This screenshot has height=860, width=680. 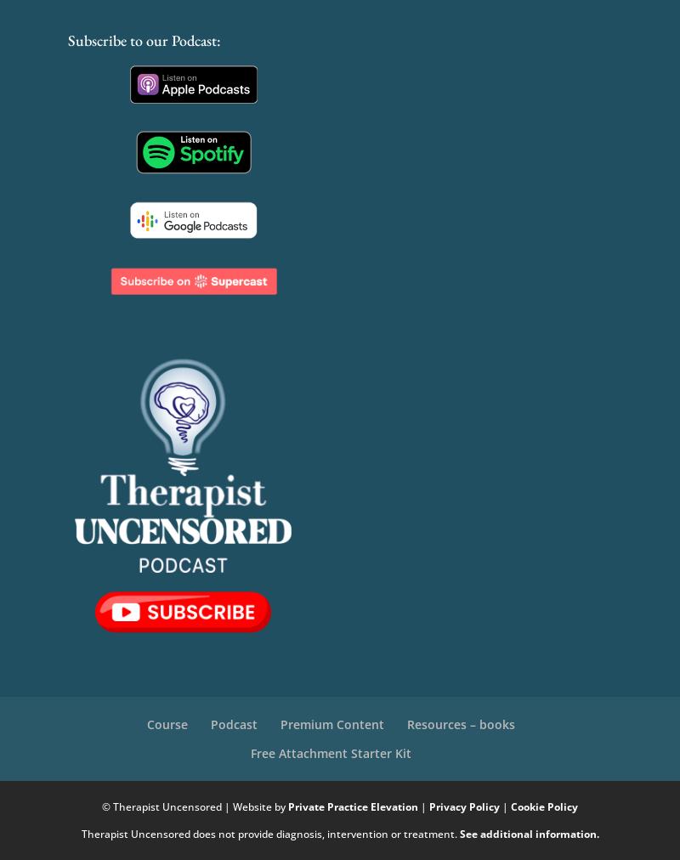 I want to click on 'Course', so click(x=166, y=722).